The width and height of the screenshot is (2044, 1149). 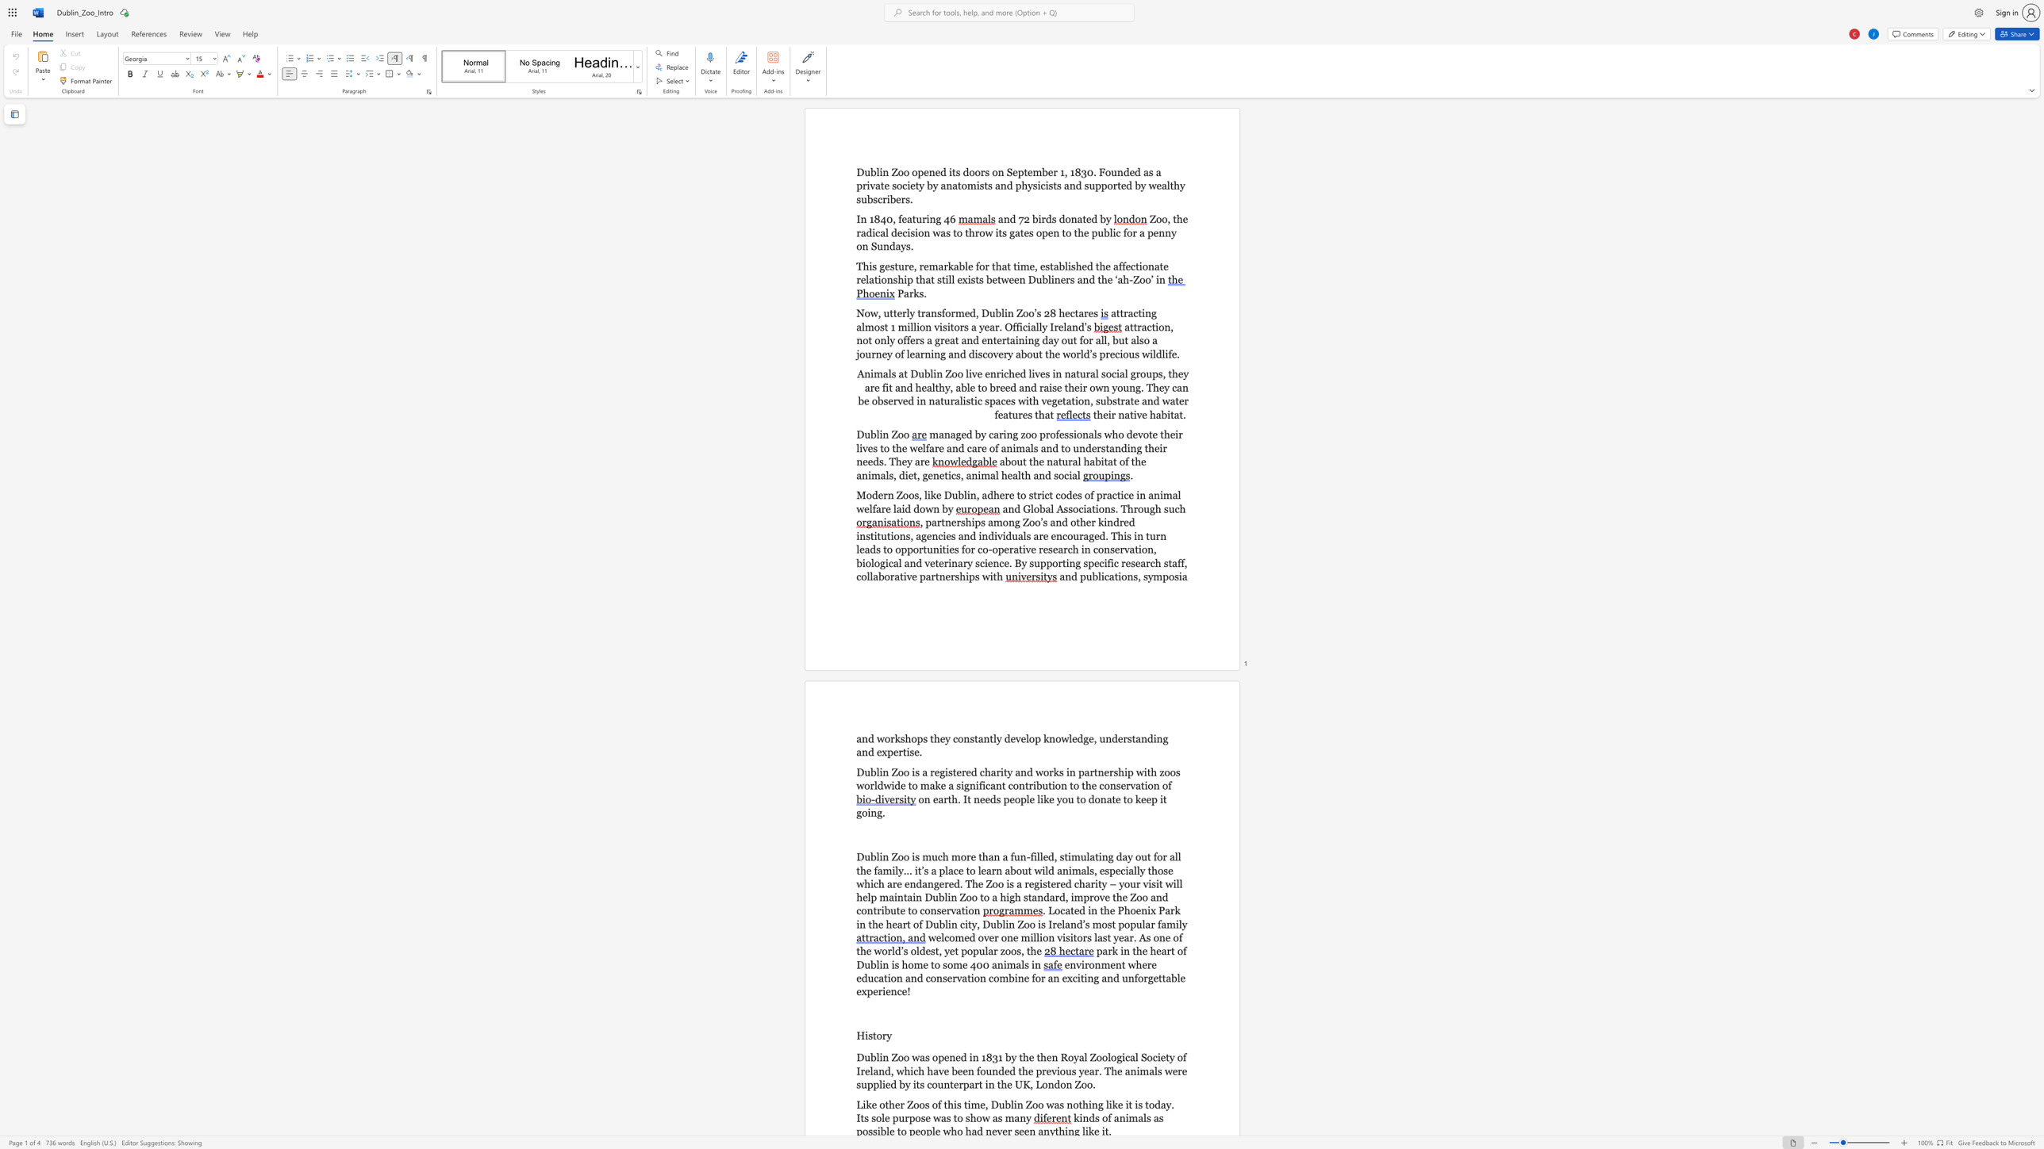 What do you see at coordinates (1001, 474) in the screenshot?
I see `the subset text "hea" within the text ", genetics, animal health and social"` at bounding box center [1001, 474].